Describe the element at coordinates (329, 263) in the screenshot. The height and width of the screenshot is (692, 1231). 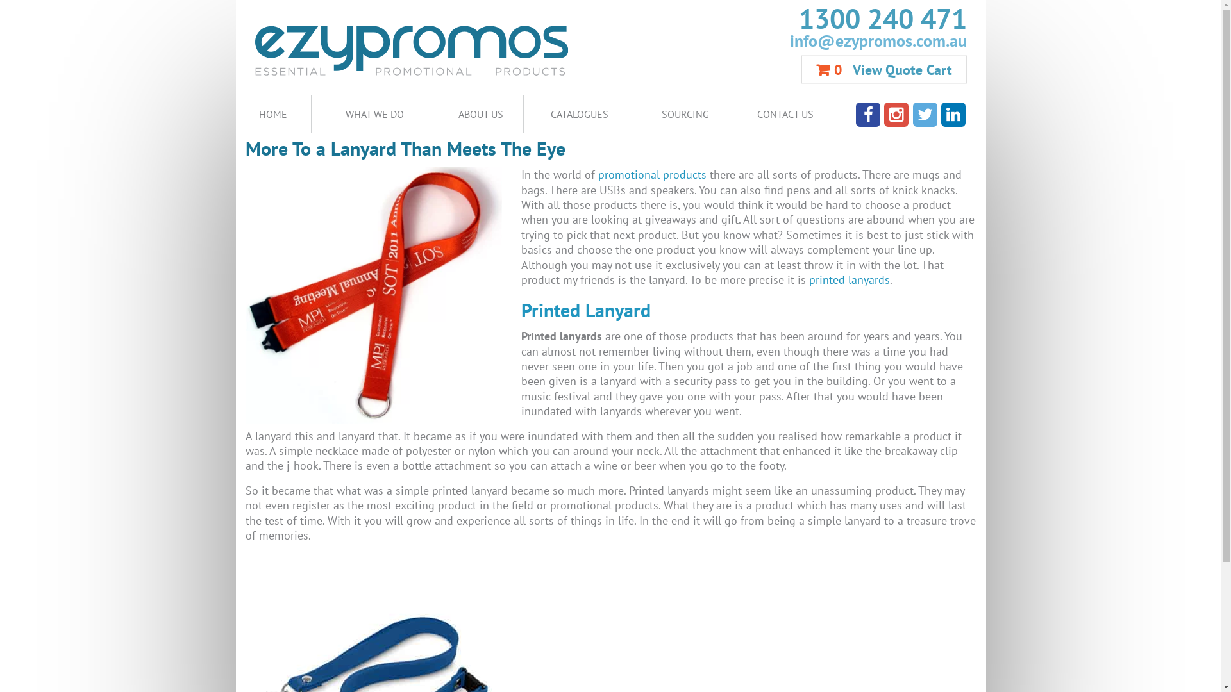
I see `'Lanyards'` at that location.